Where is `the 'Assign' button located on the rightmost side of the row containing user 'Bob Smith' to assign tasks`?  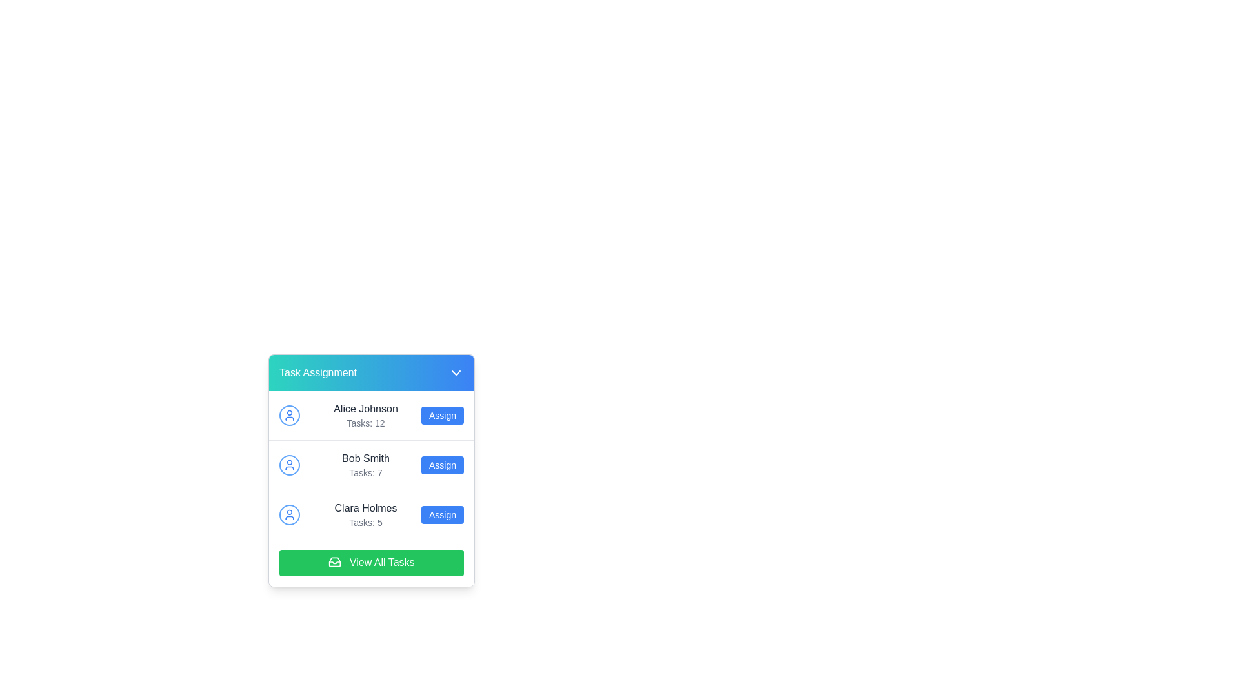 the 'Assign' button located on the rightmost side of the row containing user 'Bob Smith' to assign tasks is located at coordinates (443, 465).